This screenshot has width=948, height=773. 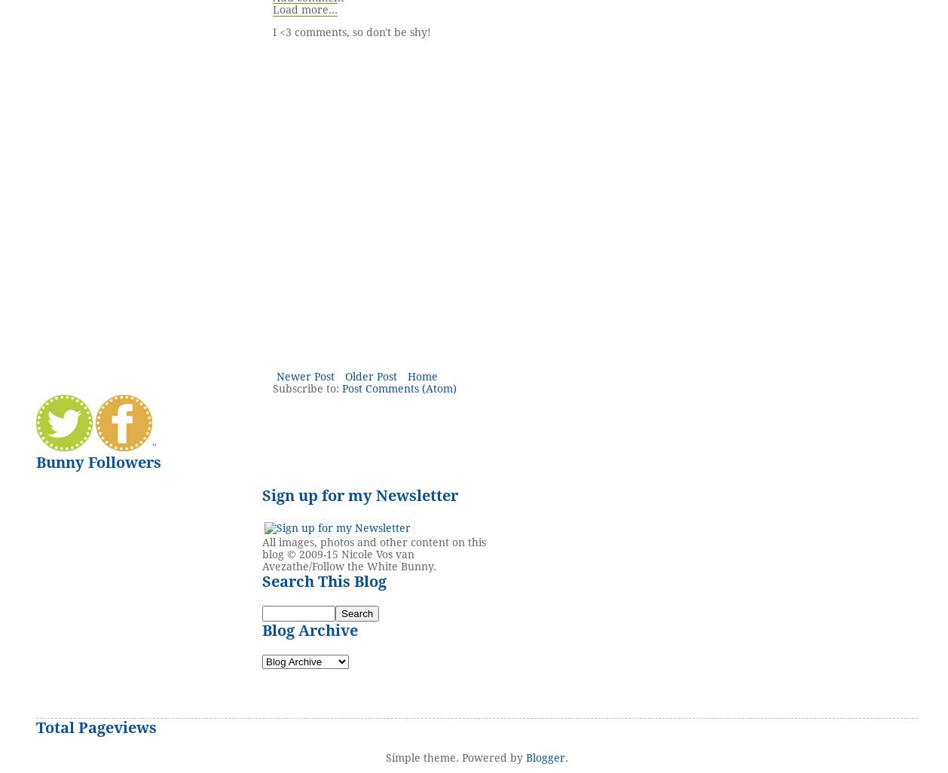 I want to click on 'Bunny Followers', so click(x=98, y=461).